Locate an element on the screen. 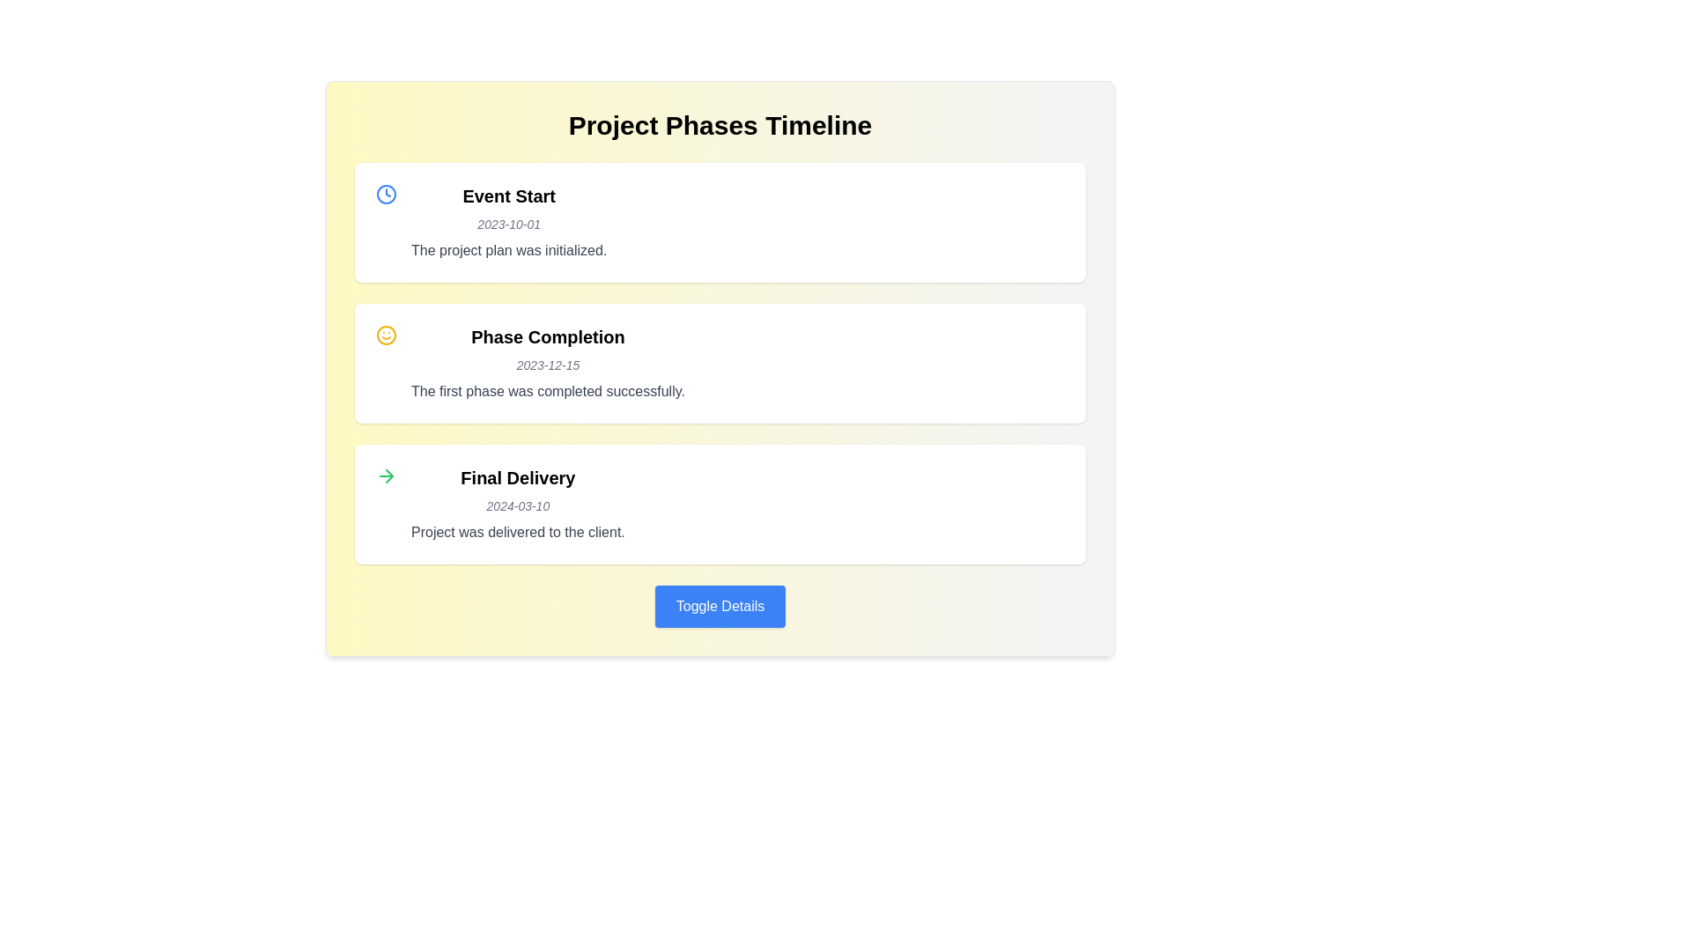  the Text Label displaying the date for the 'Final Delivery' event in the project timeline, which is located in the third event block is located at coordinates (517, 505).